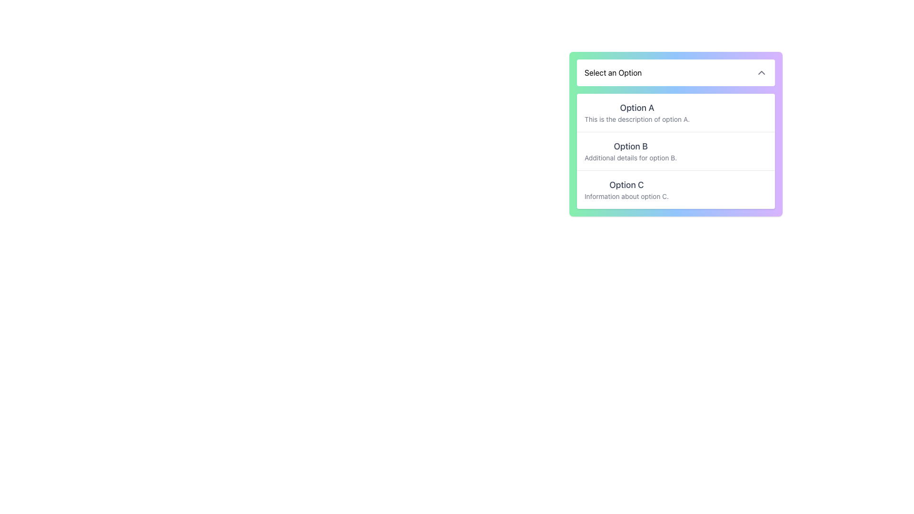 This screenshot has width=914, height=514. What do you see at coordinates (676, 189) in the screenshot?
I see `the selectable option labeled 'Option C'` at bounding box center [676, 189].